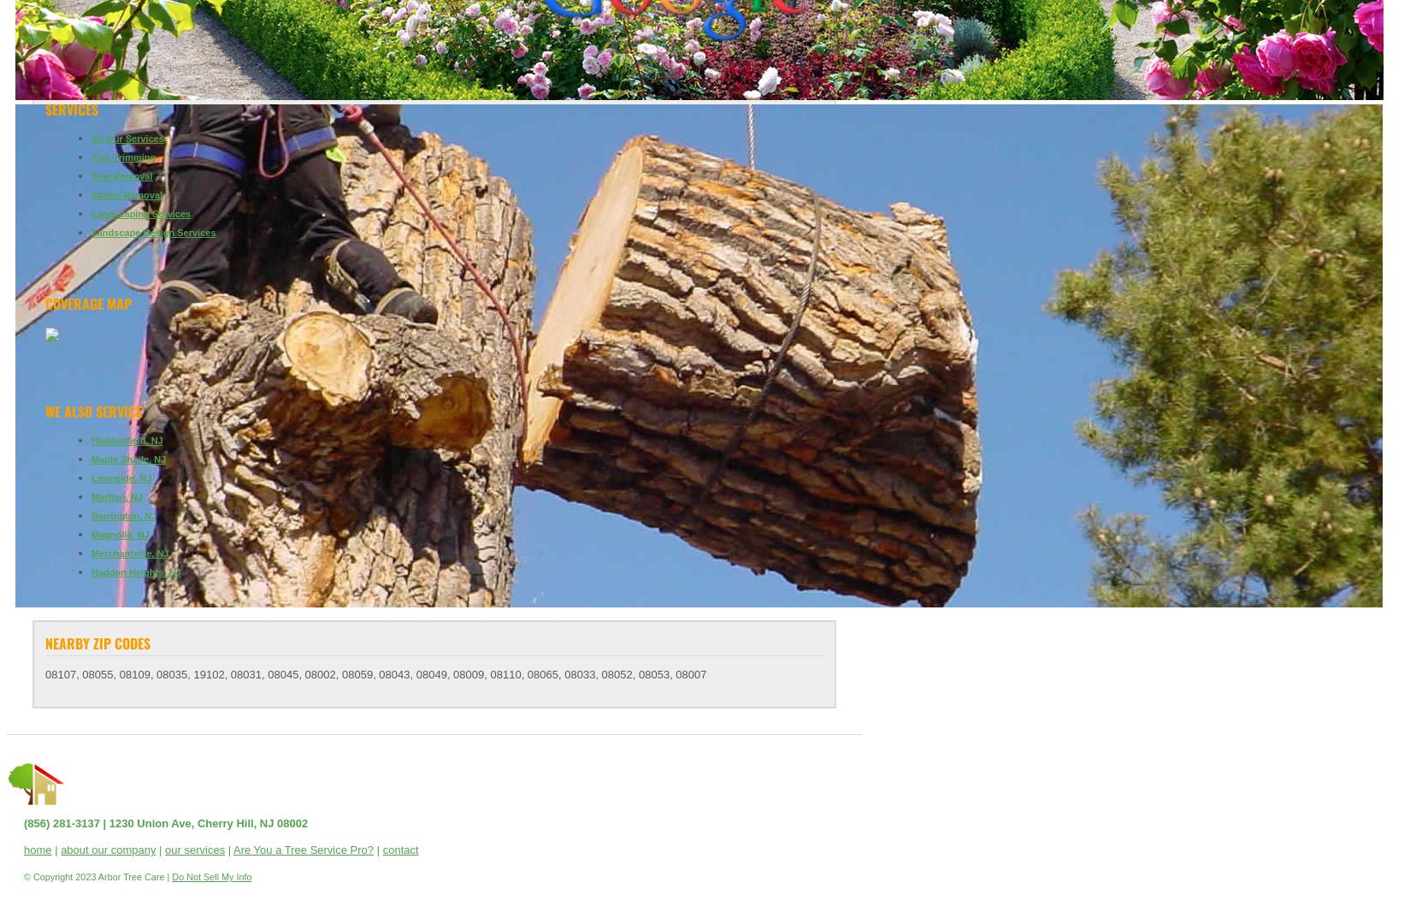 This screenshot has width=1428, height=912. Describe the element at coordinates (115, 495) in the screenshot. I see `'Marlton, NJ'` at that location.